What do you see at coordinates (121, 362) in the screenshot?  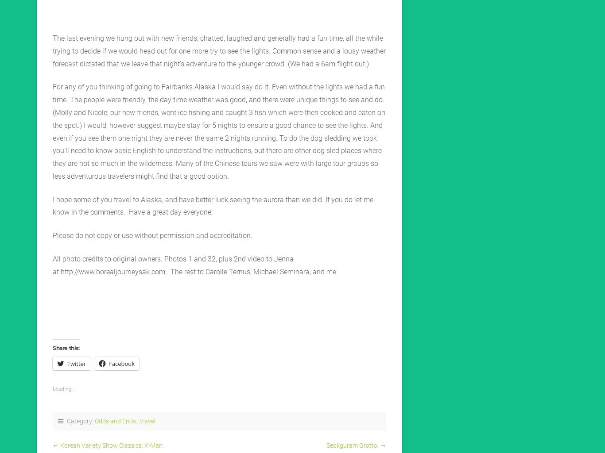 I see `'Facebook'` at bounding box center [121, 362].